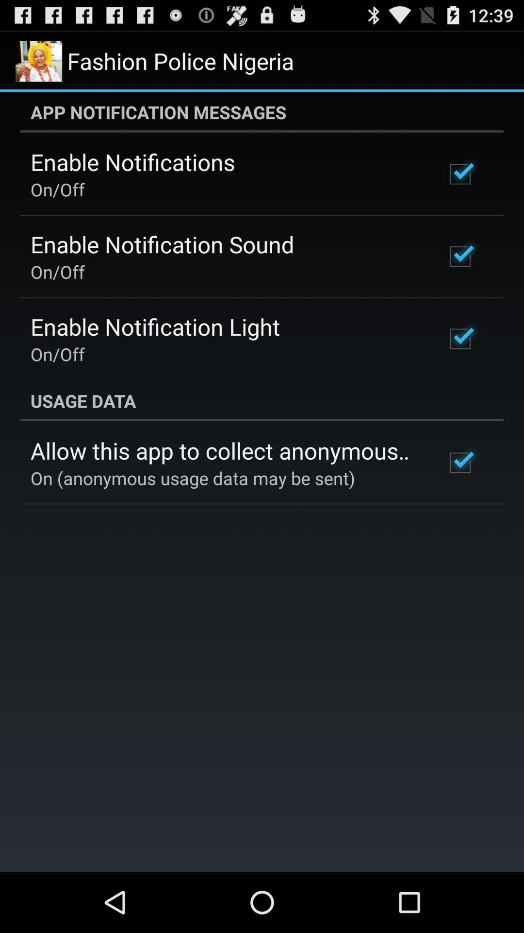 The height and width of the screenshot is (933, 524). Describe the element at coordinates (225, 450) in the screenshot. I see `item above on anonymous usage item` at that location.